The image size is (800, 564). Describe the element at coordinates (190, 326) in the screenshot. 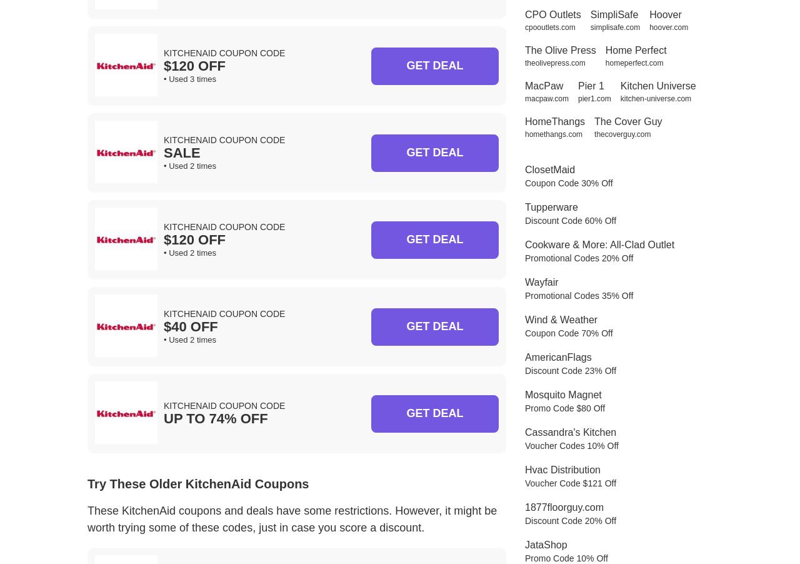

I see `'$40 Off'` at that location.